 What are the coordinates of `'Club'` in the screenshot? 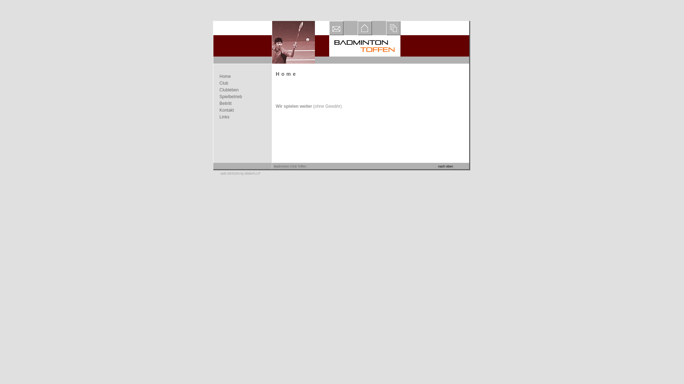 It's located at (243, 82).